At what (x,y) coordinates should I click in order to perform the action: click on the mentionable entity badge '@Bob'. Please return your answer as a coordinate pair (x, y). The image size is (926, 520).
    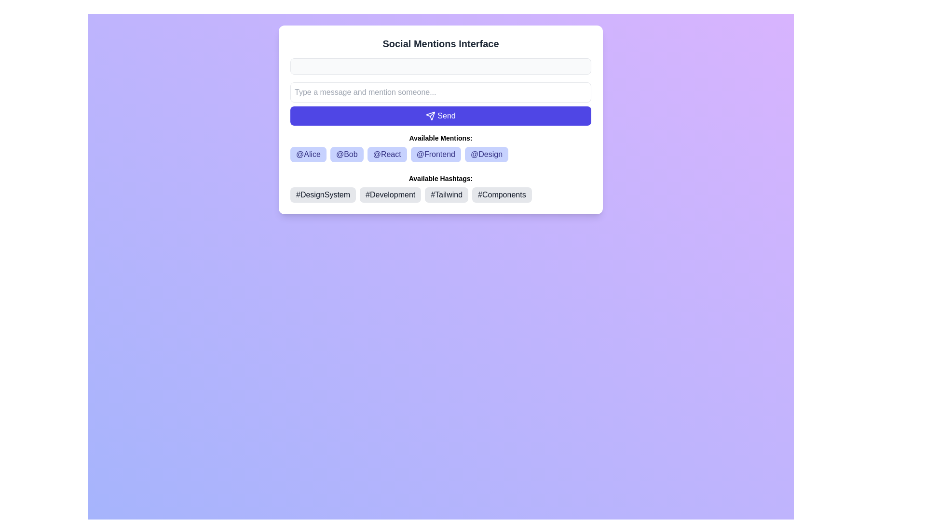
    Looking at the image, I should click on (347, 154).